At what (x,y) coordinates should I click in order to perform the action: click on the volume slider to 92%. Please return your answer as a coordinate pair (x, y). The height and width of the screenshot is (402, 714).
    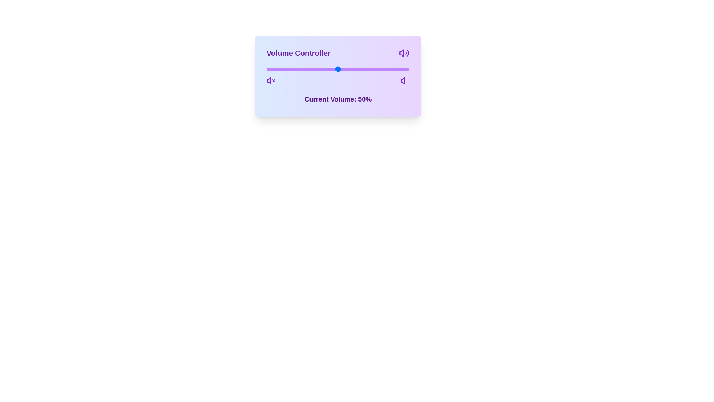
    Looking at the image, I should click on (398, 69).